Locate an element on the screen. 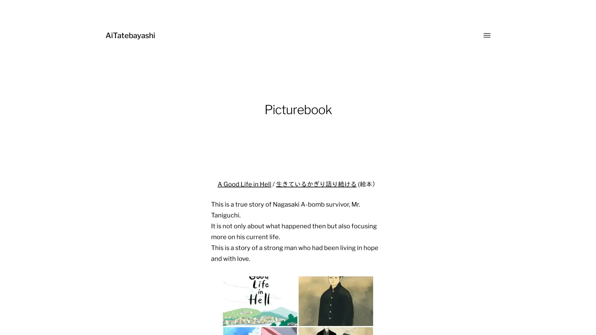 Image resolution: width=596 pixels, height=335 pixels. Toggle menu is located at coordinates (482, 35).